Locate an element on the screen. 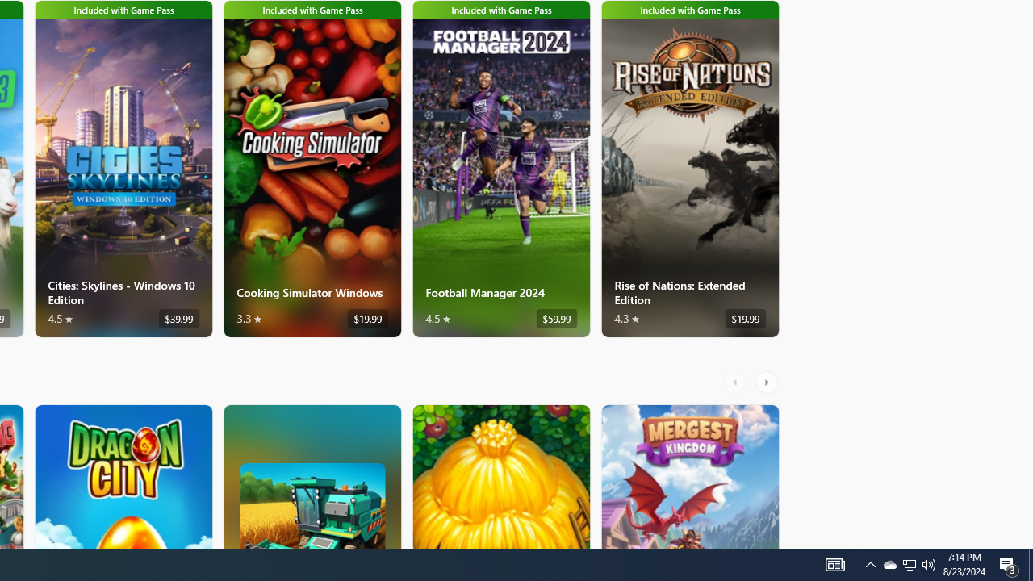 This screenshot has width=1033, height=581. 'The Tribez. Average rating of 4.6 out of five stars. Free  ' is located at coordinates (500, 475).